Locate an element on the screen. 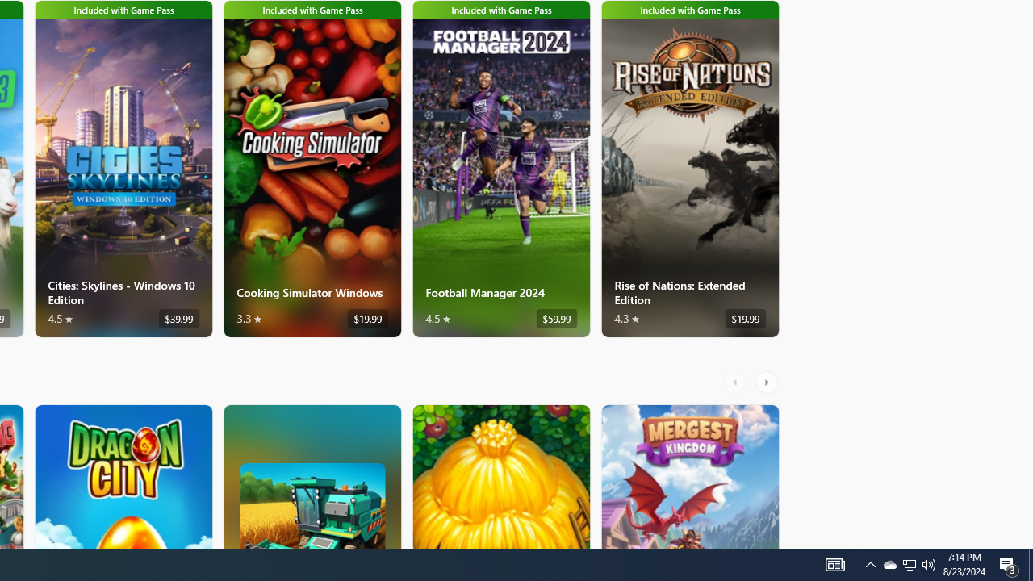 This screenshot has width=1033, height=581. 'The Tribez. Average rating of 4.6 out of five stars. Free  ' is located at coordinates (500, 475).